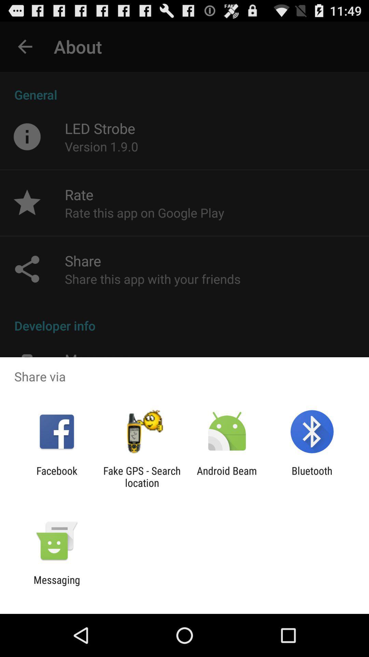 The image size is (369, 657). I want to click on the fake gps search app, so click(141, 476).